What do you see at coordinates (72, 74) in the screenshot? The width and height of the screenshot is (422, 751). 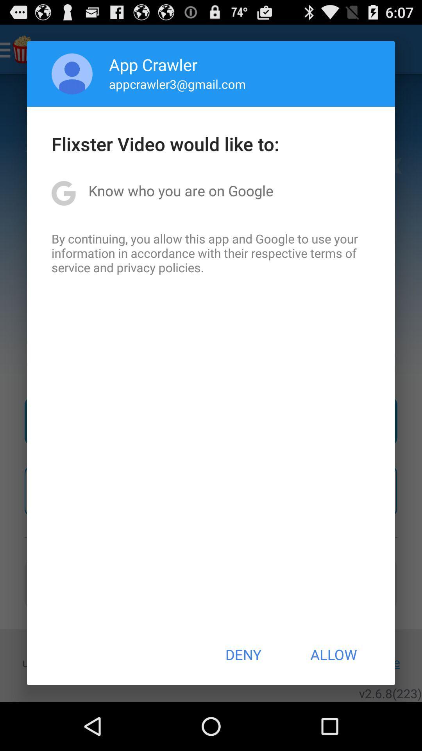 I see `the app to the left of app crawler app` at bounding box center [72, 74].